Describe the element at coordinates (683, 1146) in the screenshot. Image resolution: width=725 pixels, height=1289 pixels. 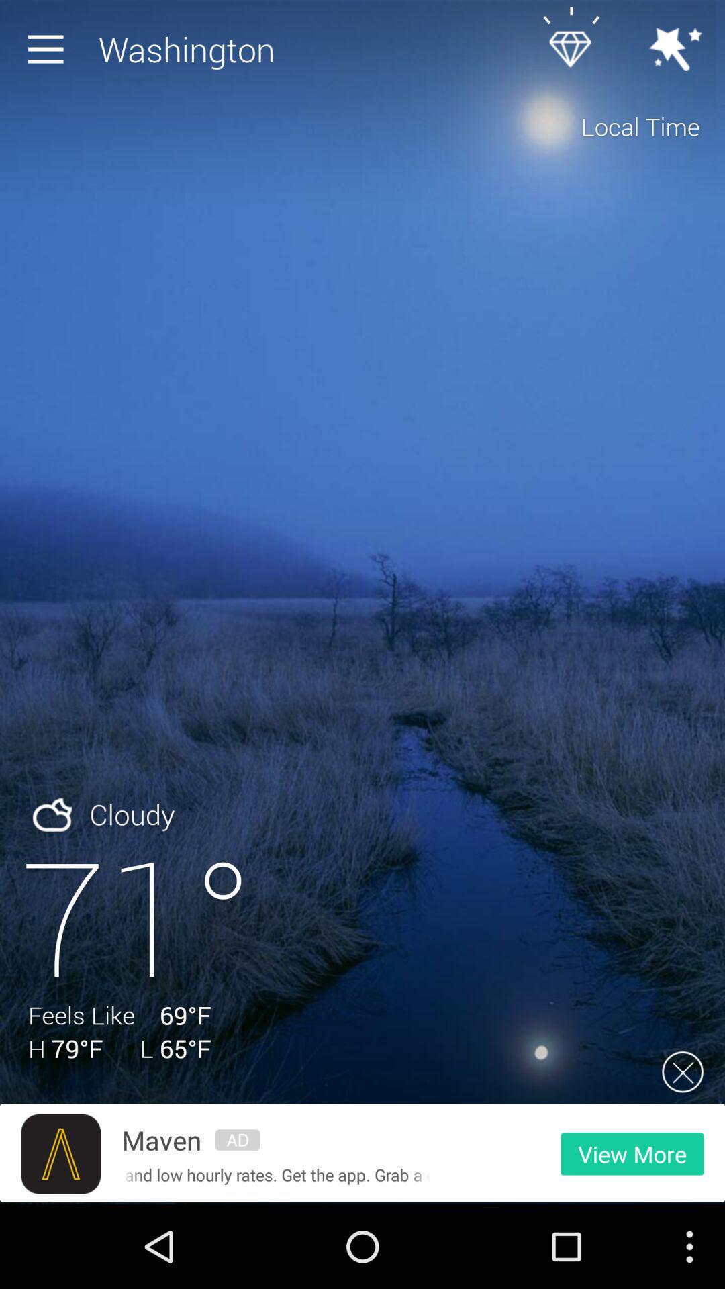
I see `the close icon` at that location.